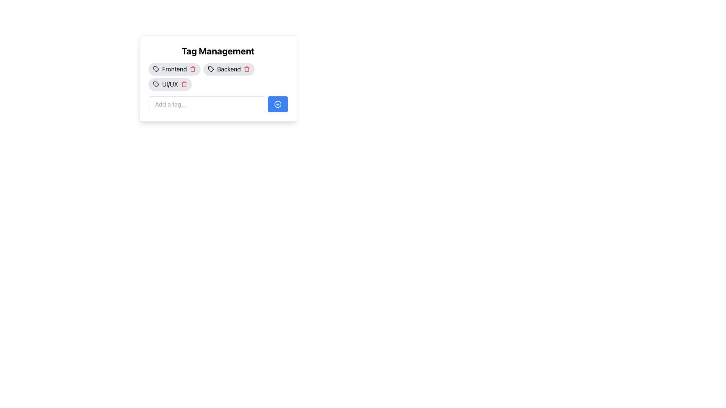 The height and width of the screenshot is (408, 726). Describe the element at coordinates (247, 69) in the screenshot. I see `the delete button styled as an icon located in the top right corner of the 'Backend' tag` at that location.